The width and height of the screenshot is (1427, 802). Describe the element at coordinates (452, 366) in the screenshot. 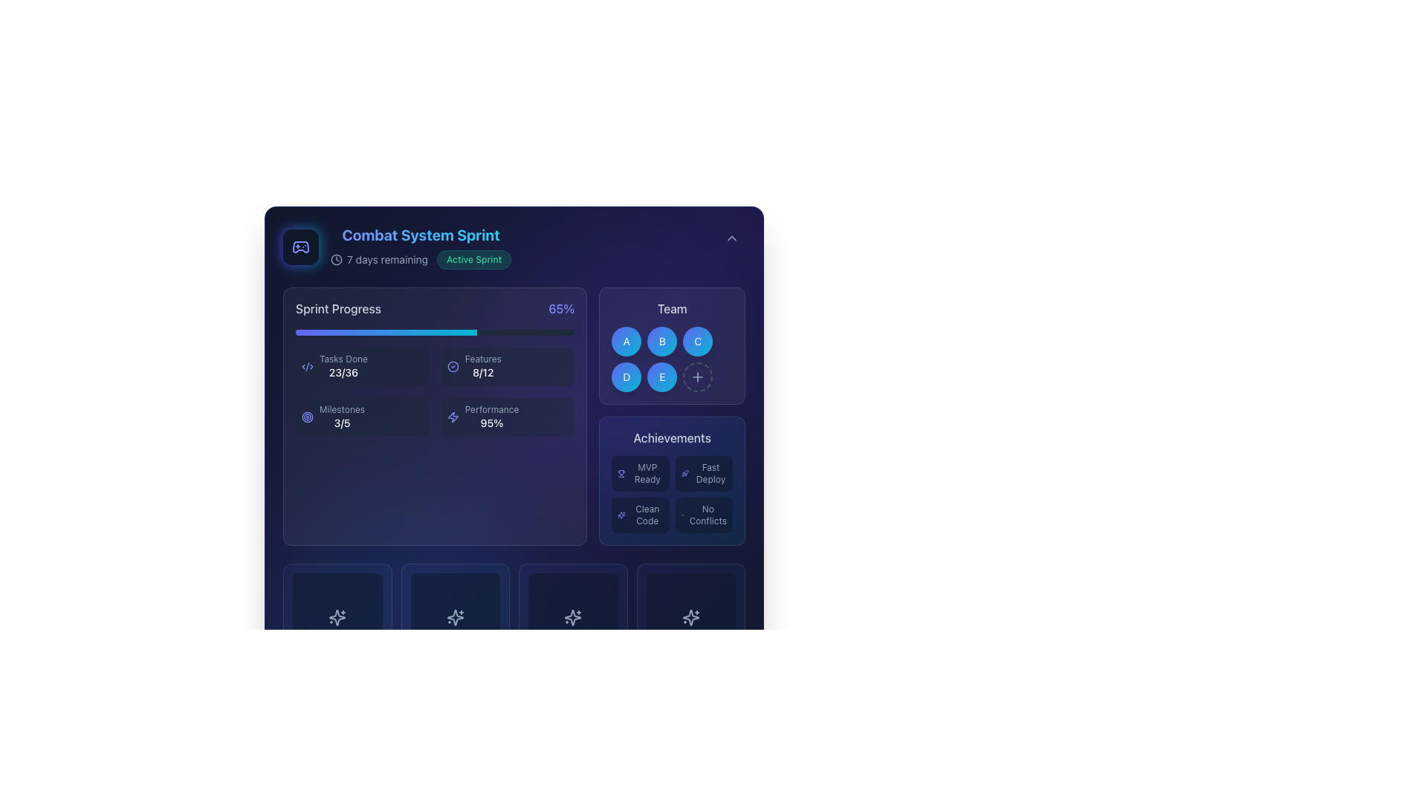

I see `the icon indicating task status or completion located in the 'Sprint Progress' card next to the text 'Features 8/12'` at that location.